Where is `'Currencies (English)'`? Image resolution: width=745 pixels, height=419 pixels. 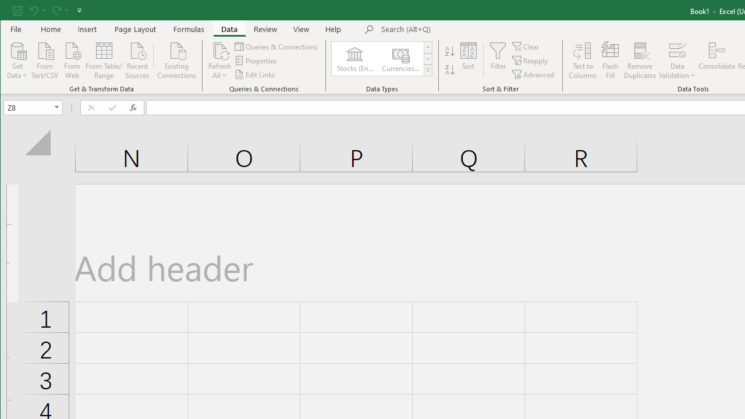
'Currencies (English)' is located at coordinates (400, 58).